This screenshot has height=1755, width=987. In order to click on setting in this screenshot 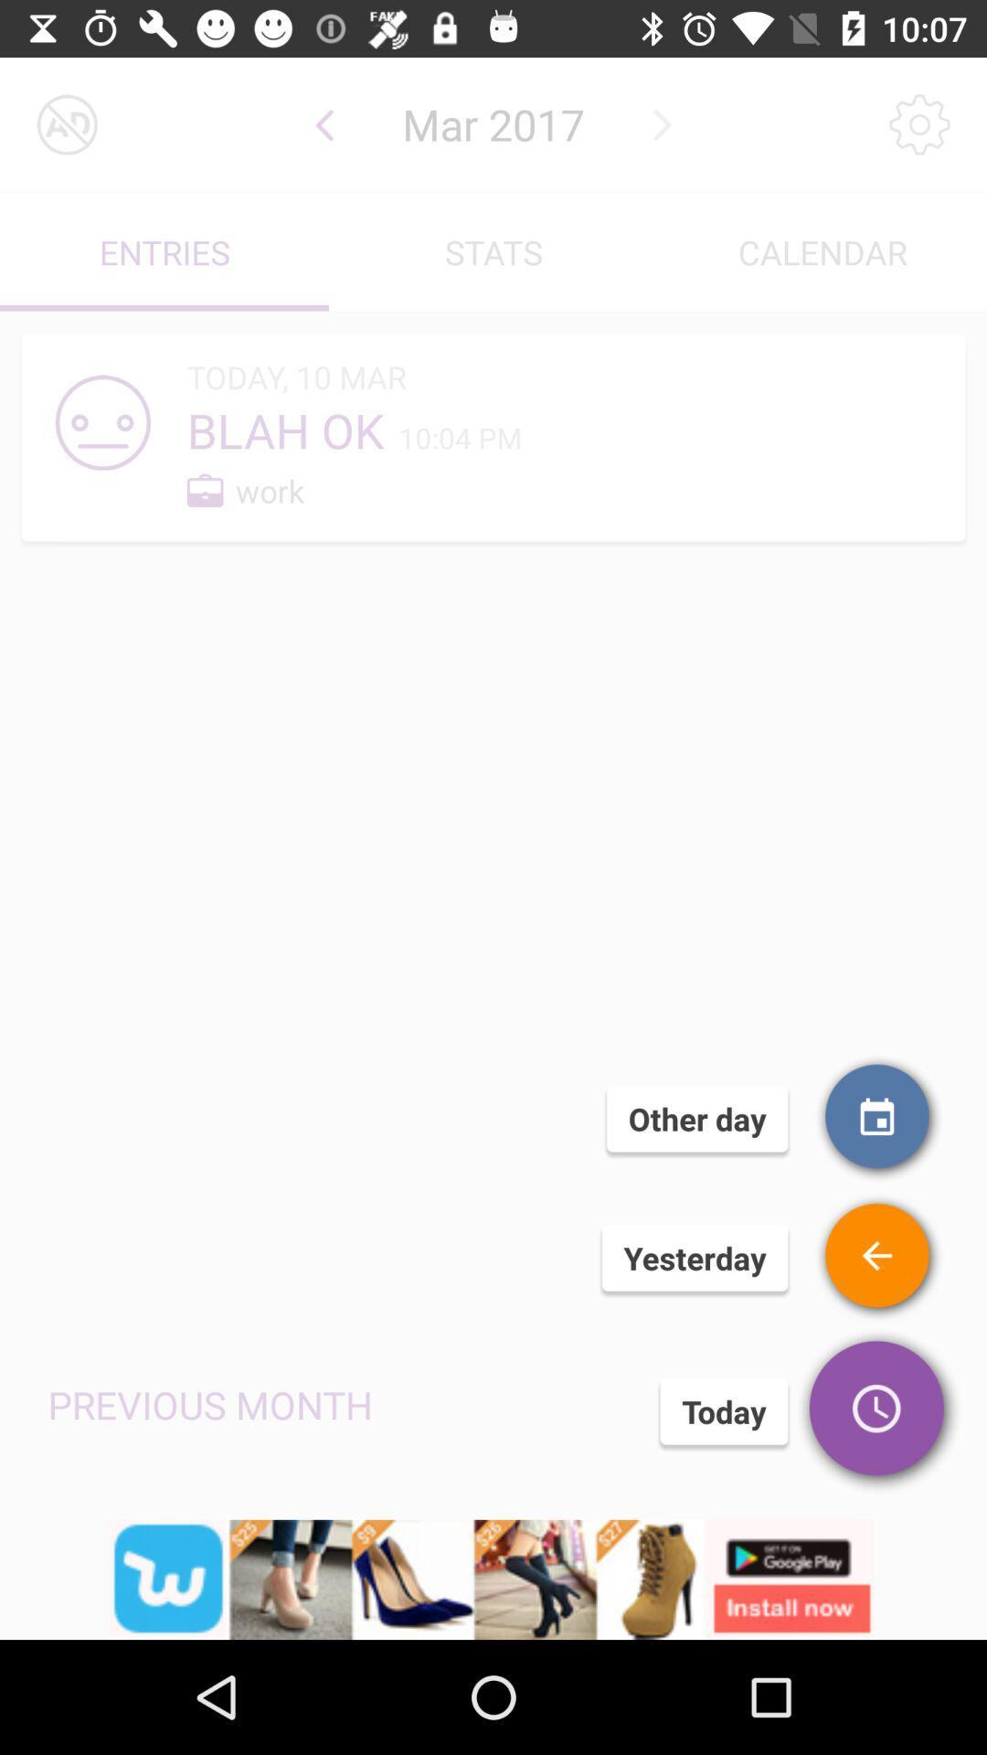, I will do `click(919, 123)`.